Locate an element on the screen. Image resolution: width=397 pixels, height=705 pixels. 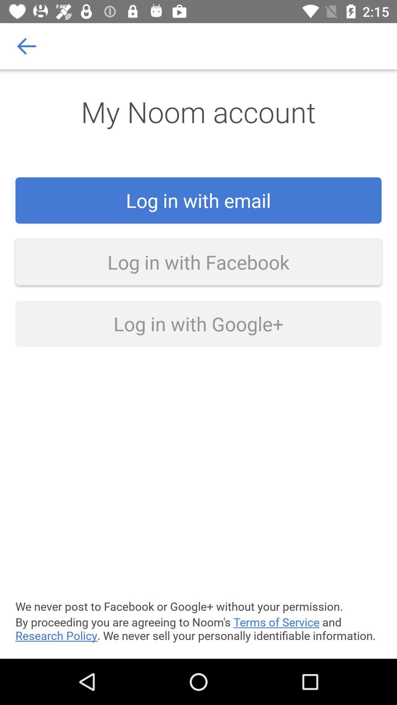
by proceeding you icon is located at coordinates (198, 628).